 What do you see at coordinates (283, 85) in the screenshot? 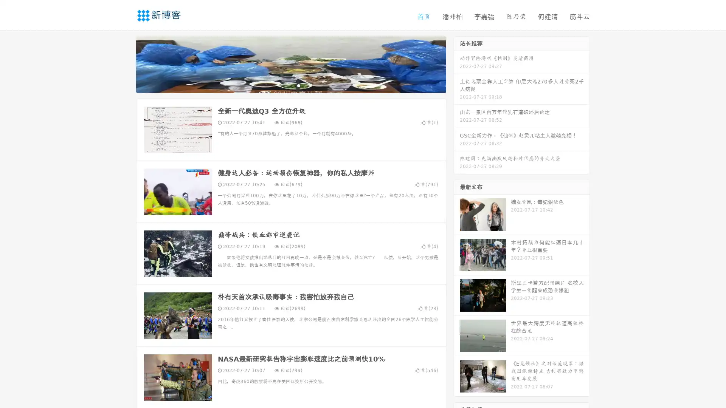
I see `Go to slide 1` at bounding box center [283, 85].